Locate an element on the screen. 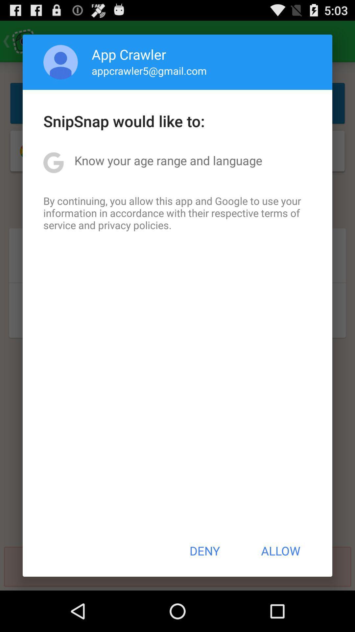  item below the by continuing you item is located at coordinates (204, 551).